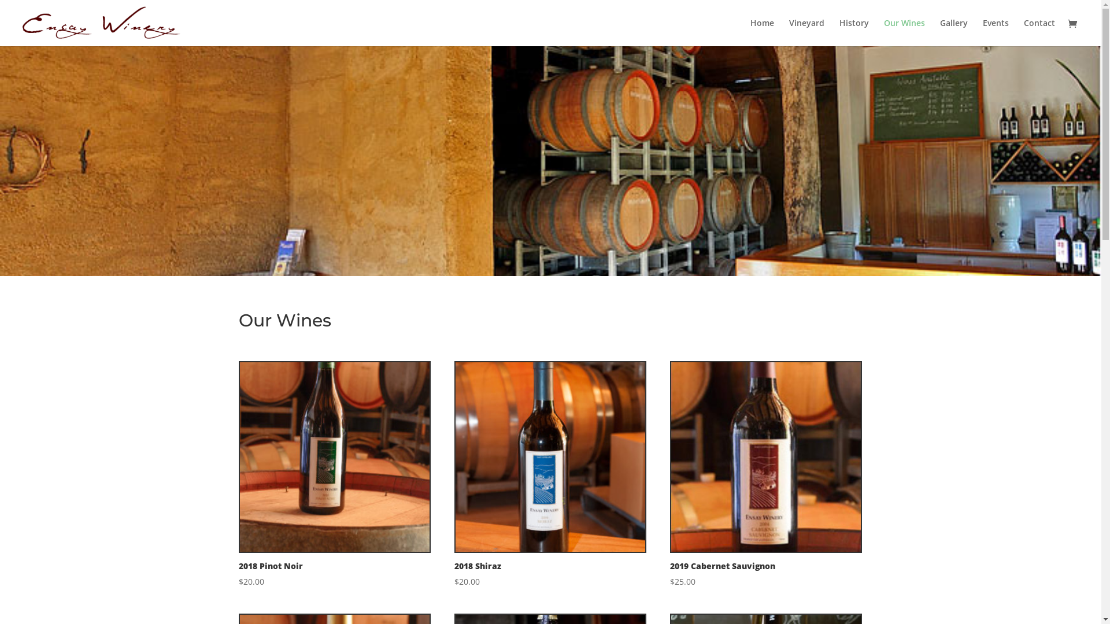  Describe the element at coordinates (839, 32) in the screenshot. I see `'History'` at that location.